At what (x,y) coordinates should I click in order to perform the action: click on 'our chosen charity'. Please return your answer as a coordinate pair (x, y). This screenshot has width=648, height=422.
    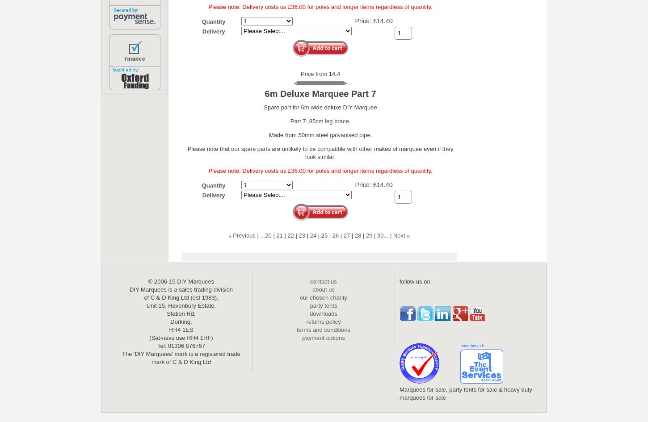
    Looking at the image, I should click on (323, 297).